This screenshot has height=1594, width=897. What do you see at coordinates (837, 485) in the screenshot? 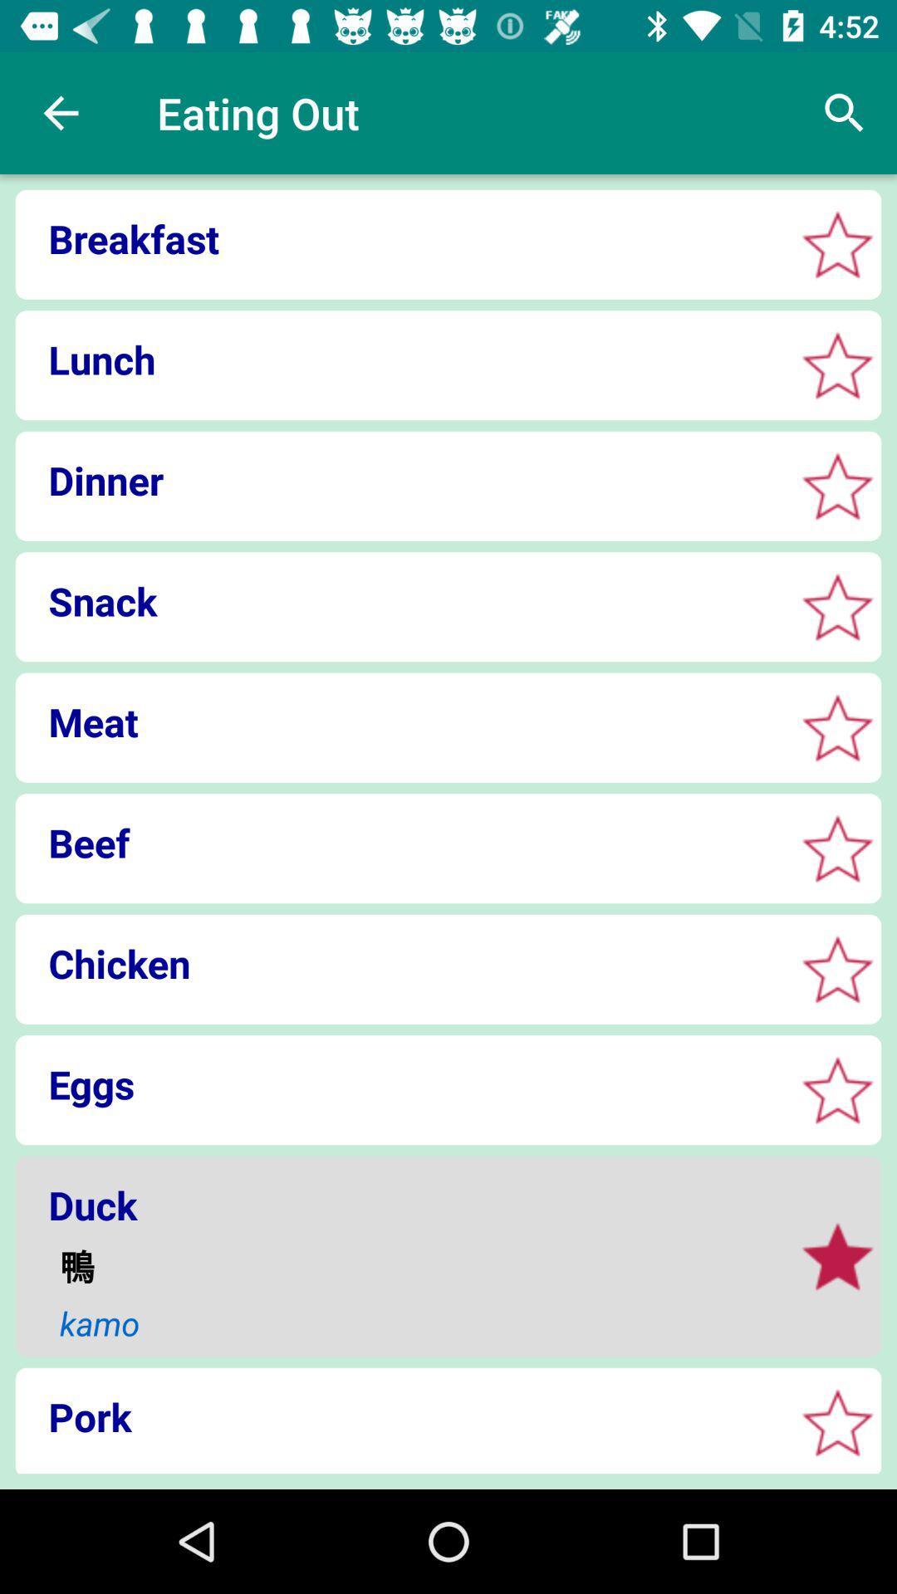
I see `symbol` at bounding box center [837, 485].